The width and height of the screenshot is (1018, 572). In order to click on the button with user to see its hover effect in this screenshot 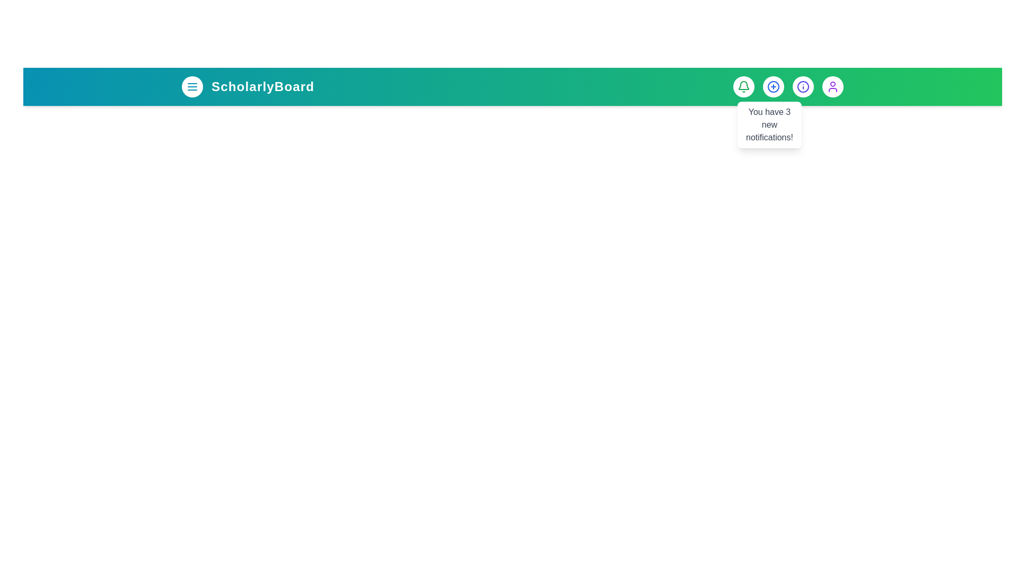, I will do `click(832, 86)`.